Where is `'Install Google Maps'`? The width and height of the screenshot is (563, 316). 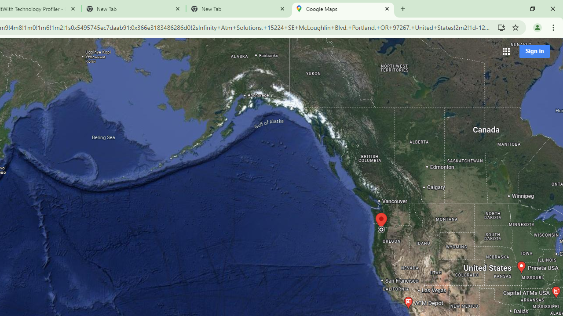 'Install Google Maps' is located at coordinates (501, 27).